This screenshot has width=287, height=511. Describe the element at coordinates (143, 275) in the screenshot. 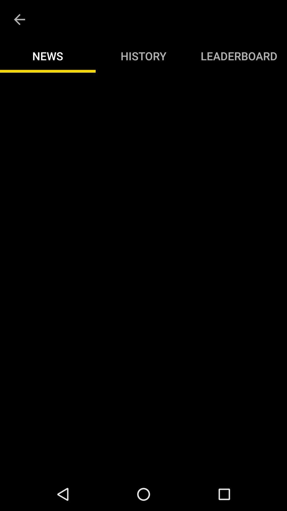

I see `news field` at that location.